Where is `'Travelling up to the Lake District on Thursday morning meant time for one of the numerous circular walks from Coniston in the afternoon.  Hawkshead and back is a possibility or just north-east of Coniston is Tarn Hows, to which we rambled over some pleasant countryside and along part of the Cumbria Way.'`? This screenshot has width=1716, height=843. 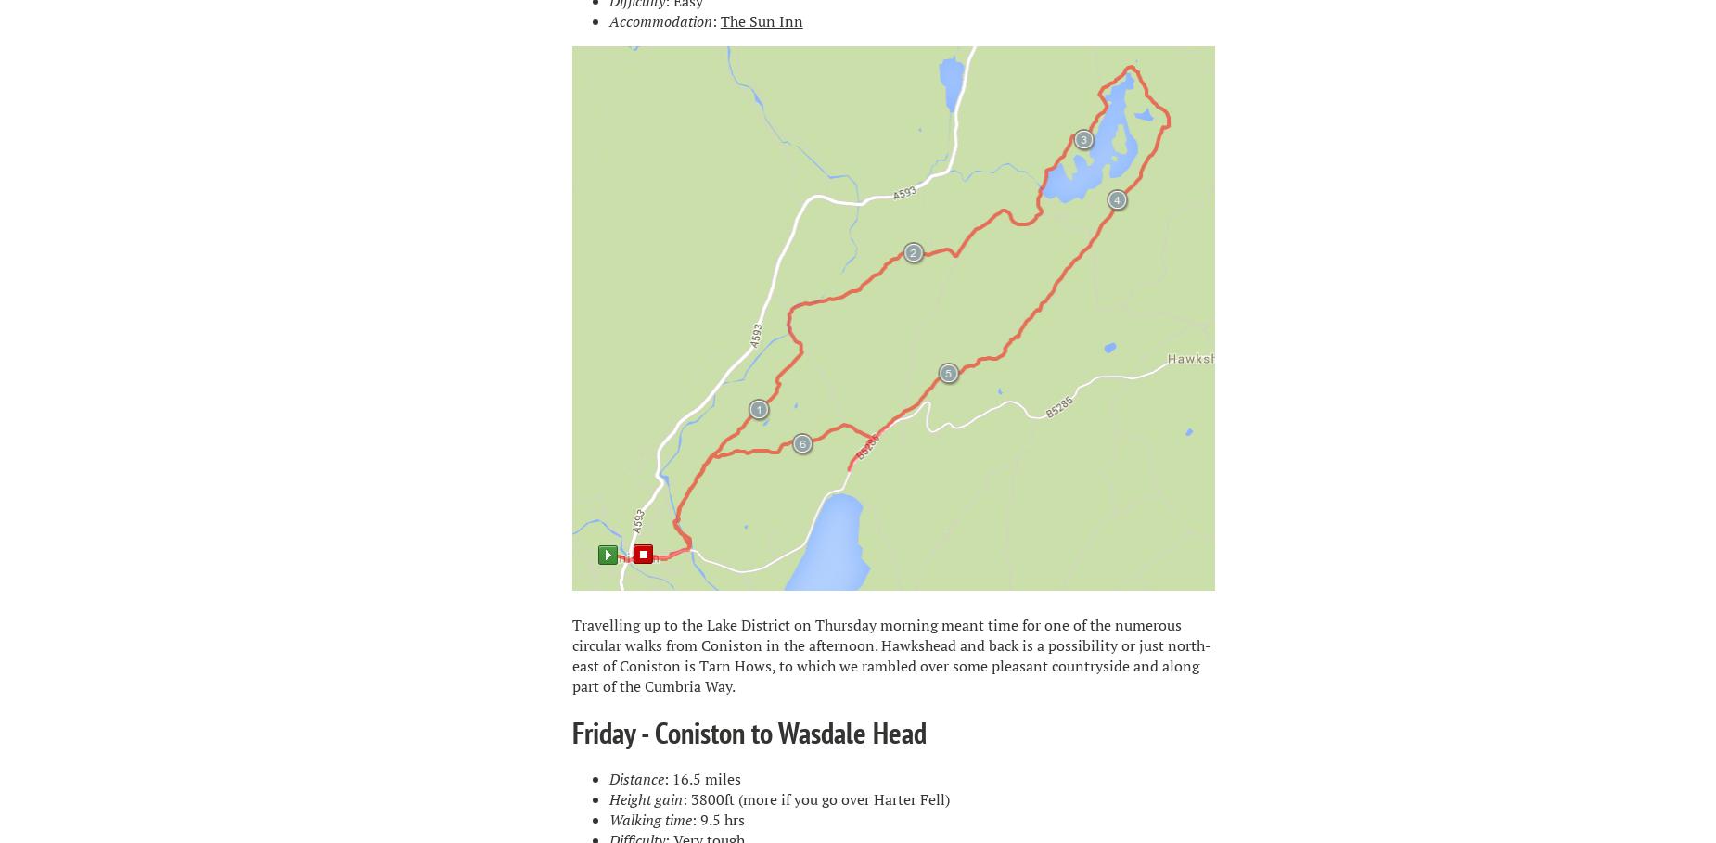 'Travelling up to the Lake District on Thursday morning meant time for one of the numerous circular walks from Coniston in the afternoon.  Hawkshead and back is a possibility or just north-east of Coniston is Tarn Hows, to which we rambled over some pleasant countryside and along part of the Cumbria Way.' is located at coordinates (890, 654).